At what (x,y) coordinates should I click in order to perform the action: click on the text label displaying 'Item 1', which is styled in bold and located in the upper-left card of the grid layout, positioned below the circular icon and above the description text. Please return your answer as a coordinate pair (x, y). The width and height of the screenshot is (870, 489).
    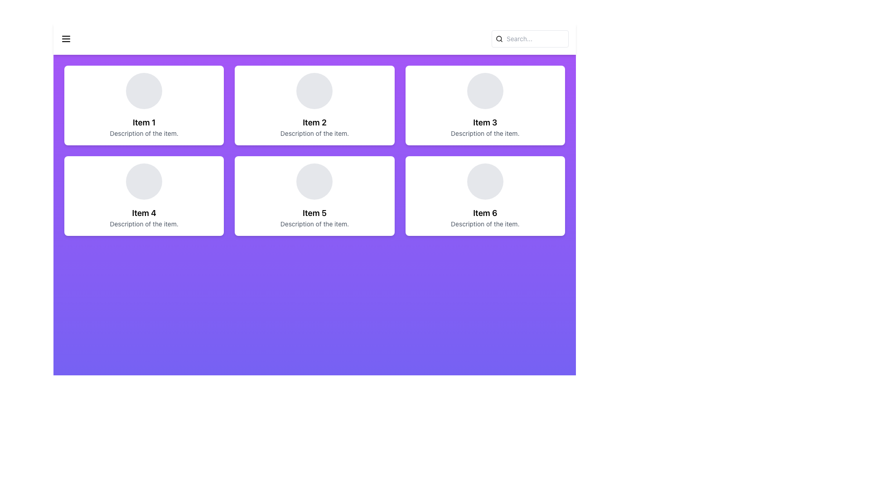
    Looking at the image, I should click on (144, 122).